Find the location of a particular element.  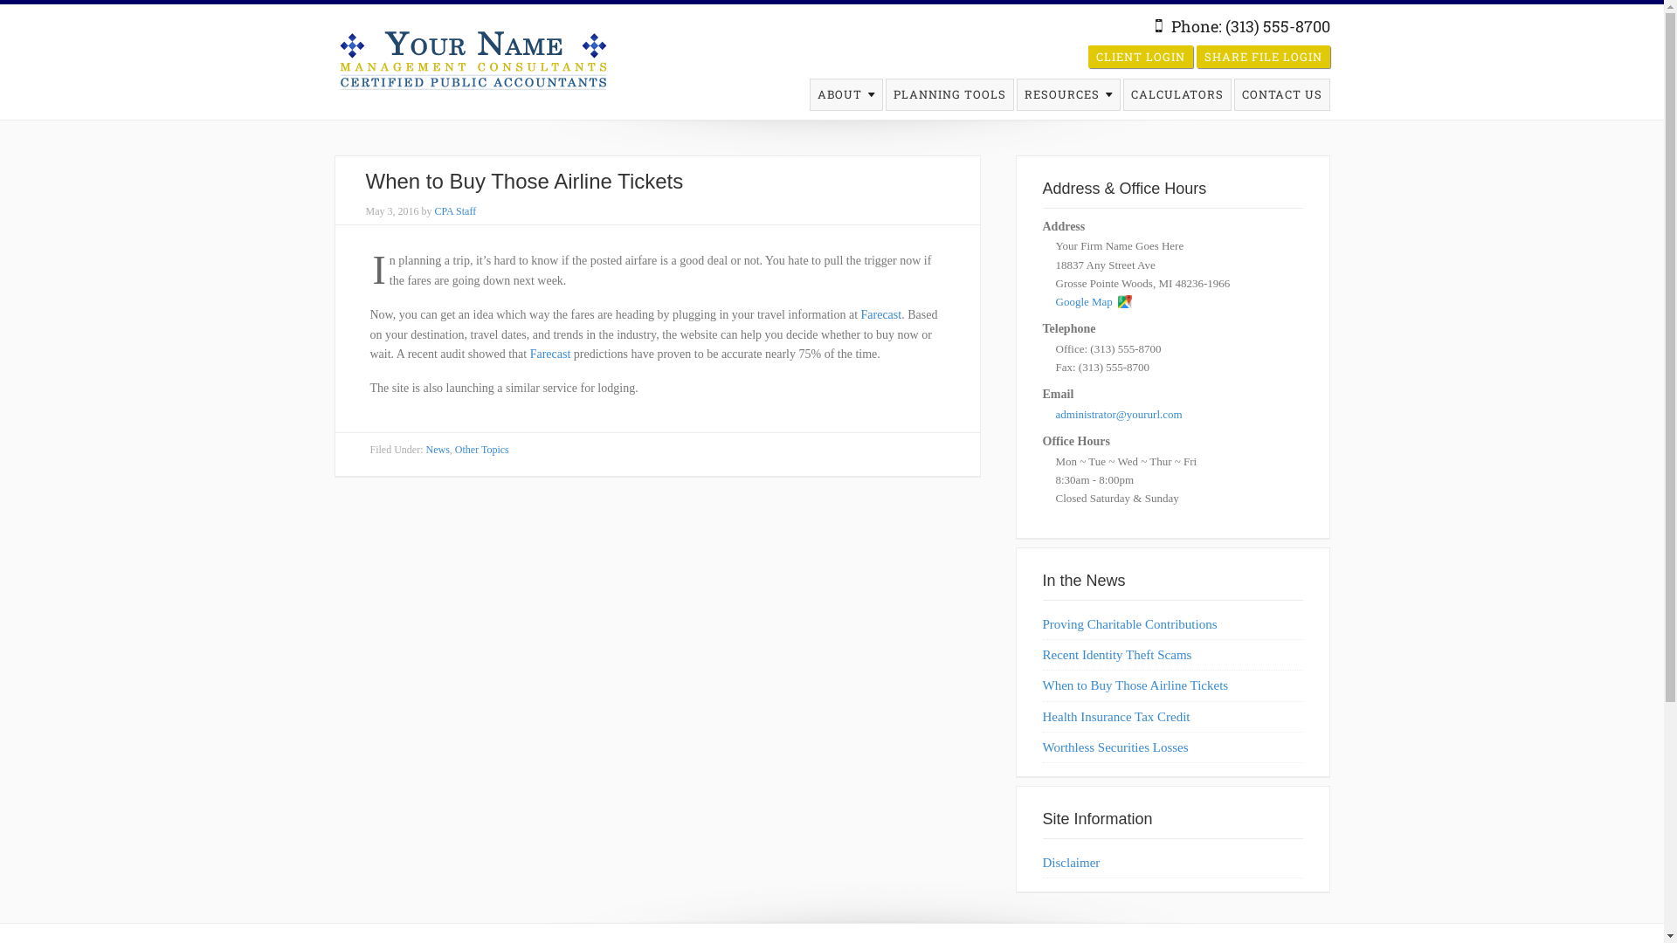

'RESOURCES' is located at coordinates (1059, 94).